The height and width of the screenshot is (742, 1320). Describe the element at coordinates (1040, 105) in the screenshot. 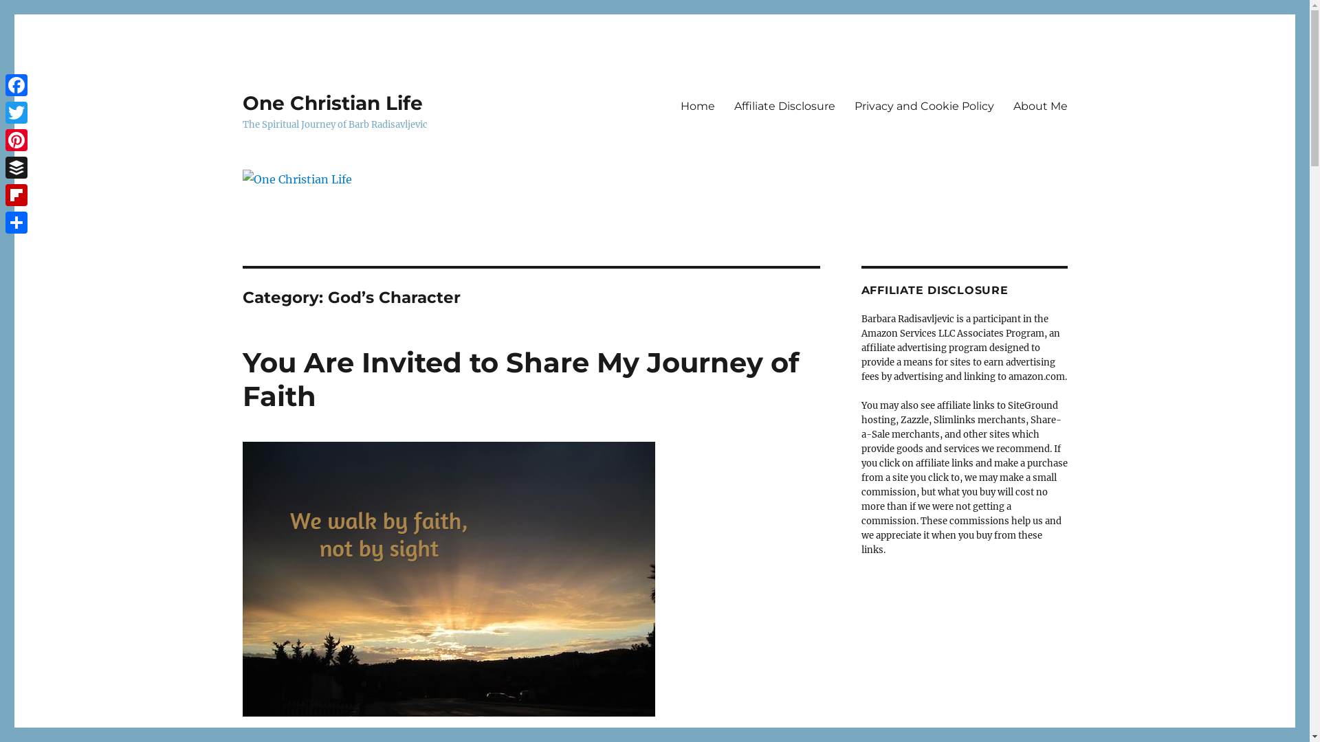

I see `'About Me'` at that location.